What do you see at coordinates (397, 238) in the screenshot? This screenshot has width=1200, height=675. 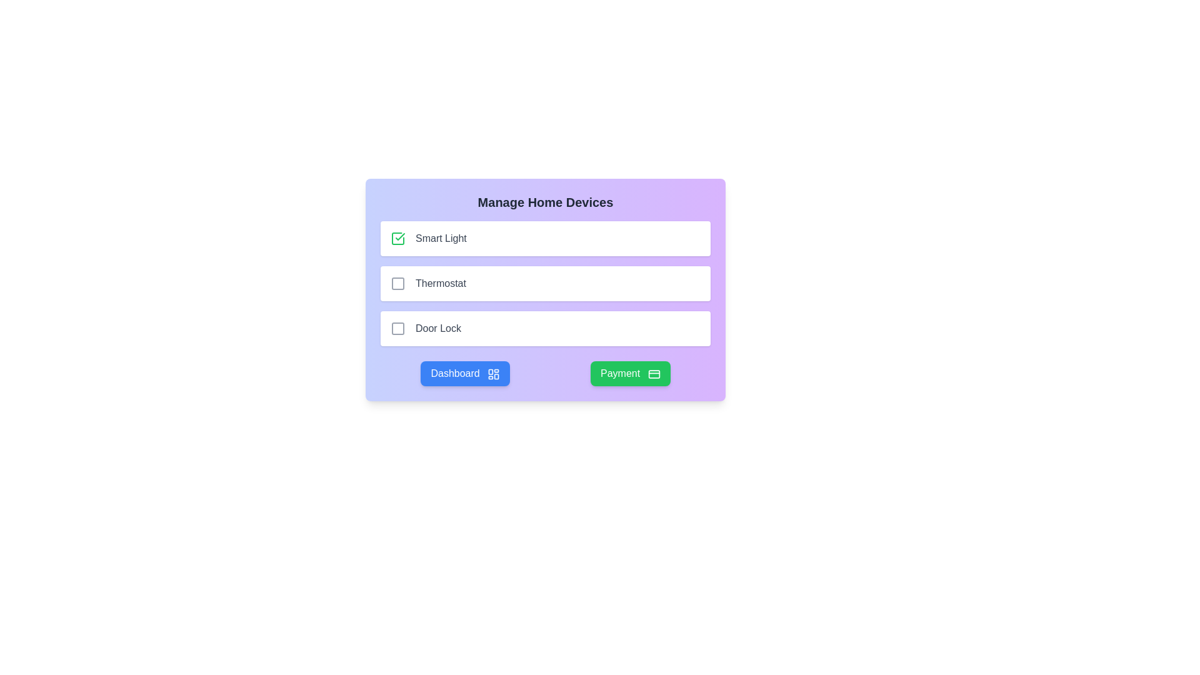 I see `the checkbox for 'Smart Light'` at bounding box center [397, 238].